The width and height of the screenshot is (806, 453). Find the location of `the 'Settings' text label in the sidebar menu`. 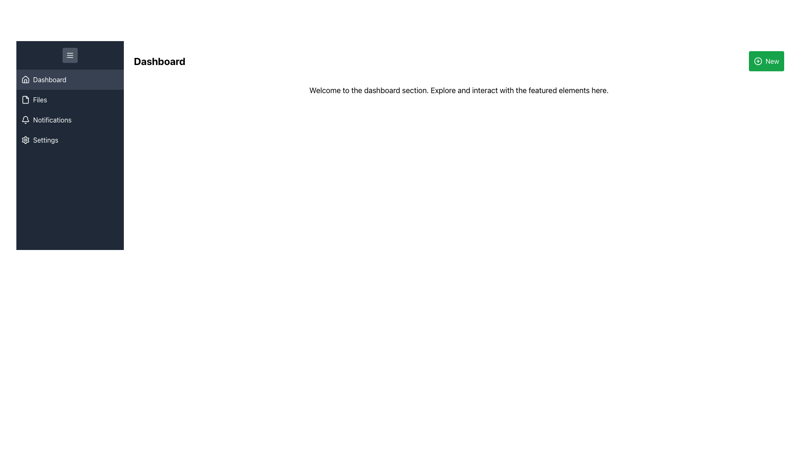

the 'Settings' text label in the sidebar menu is located at coordinates (45, 140).